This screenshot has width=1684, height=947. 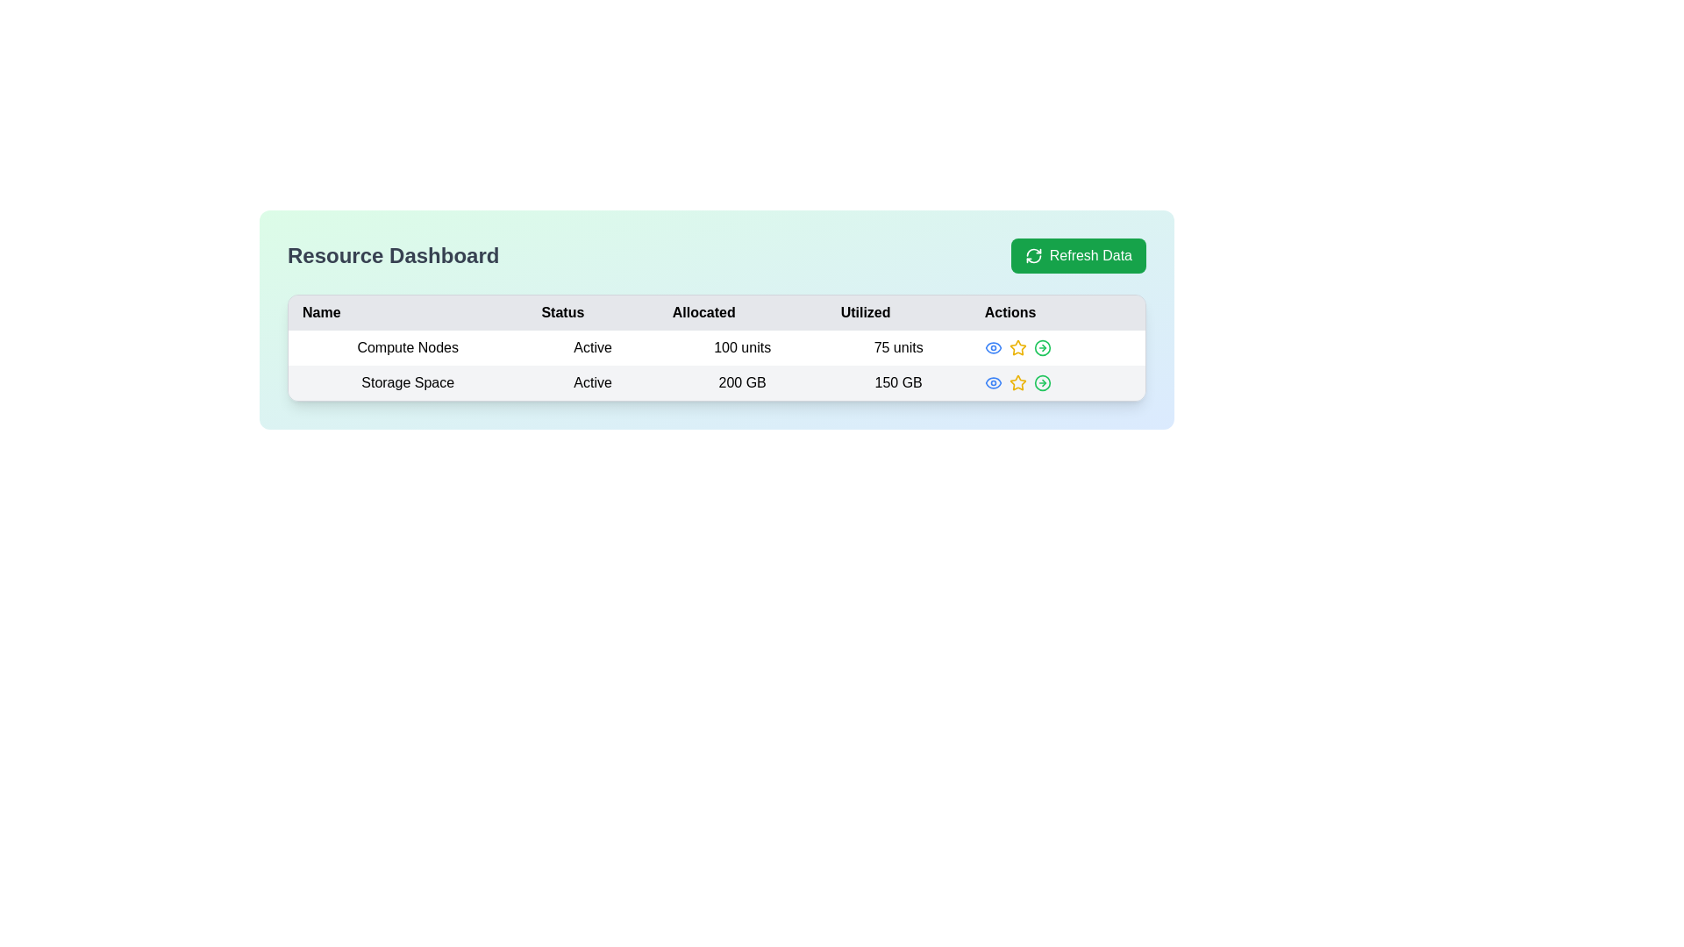 I want to click on the text label displaying '150 GB' in bold style, located in the second row under the 'Utilized' column of the table, positioned between '200 GB' and action icons, so click(x=898, y=381).